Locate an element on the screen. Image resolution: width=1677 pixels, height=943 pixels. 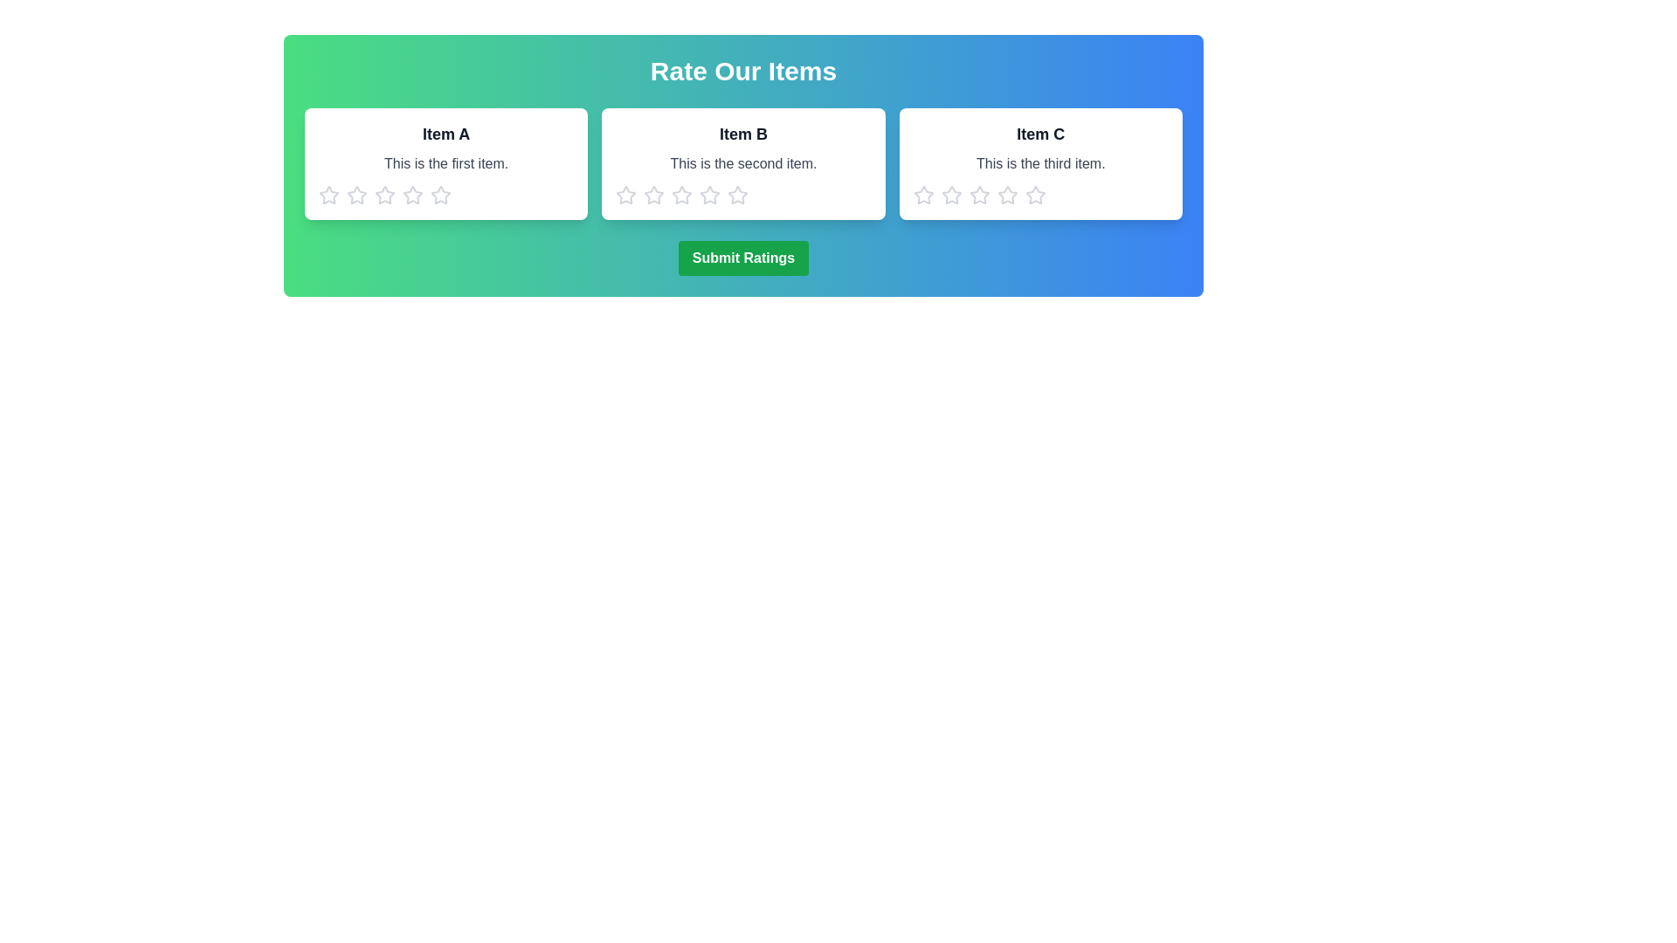
the 'Submit Ratings' button to submit the ratings is located at coordinates (743, 258).